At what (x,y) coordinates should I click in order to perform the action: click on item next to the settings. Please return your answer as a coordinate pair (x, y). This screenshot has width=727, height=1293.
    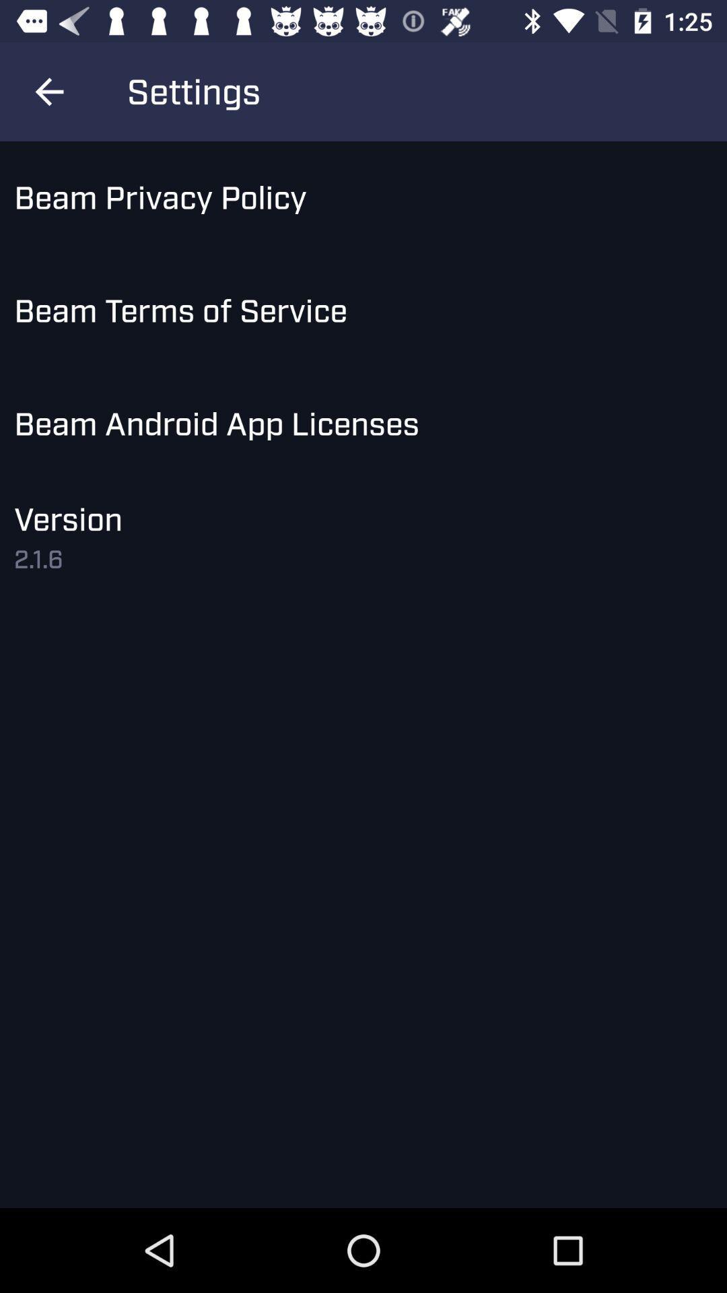
    Looking at the image, I should click on (48, 91).